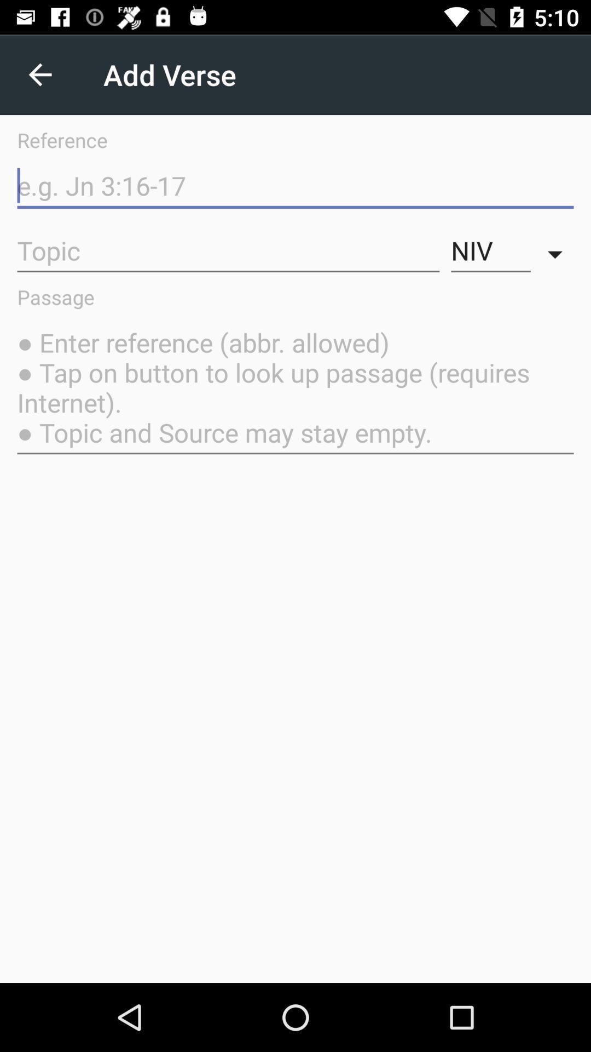 The image size is (591, 1052). Describe the element at coordinates (558, 250) in the screenshot. I see `additional options` at that location.